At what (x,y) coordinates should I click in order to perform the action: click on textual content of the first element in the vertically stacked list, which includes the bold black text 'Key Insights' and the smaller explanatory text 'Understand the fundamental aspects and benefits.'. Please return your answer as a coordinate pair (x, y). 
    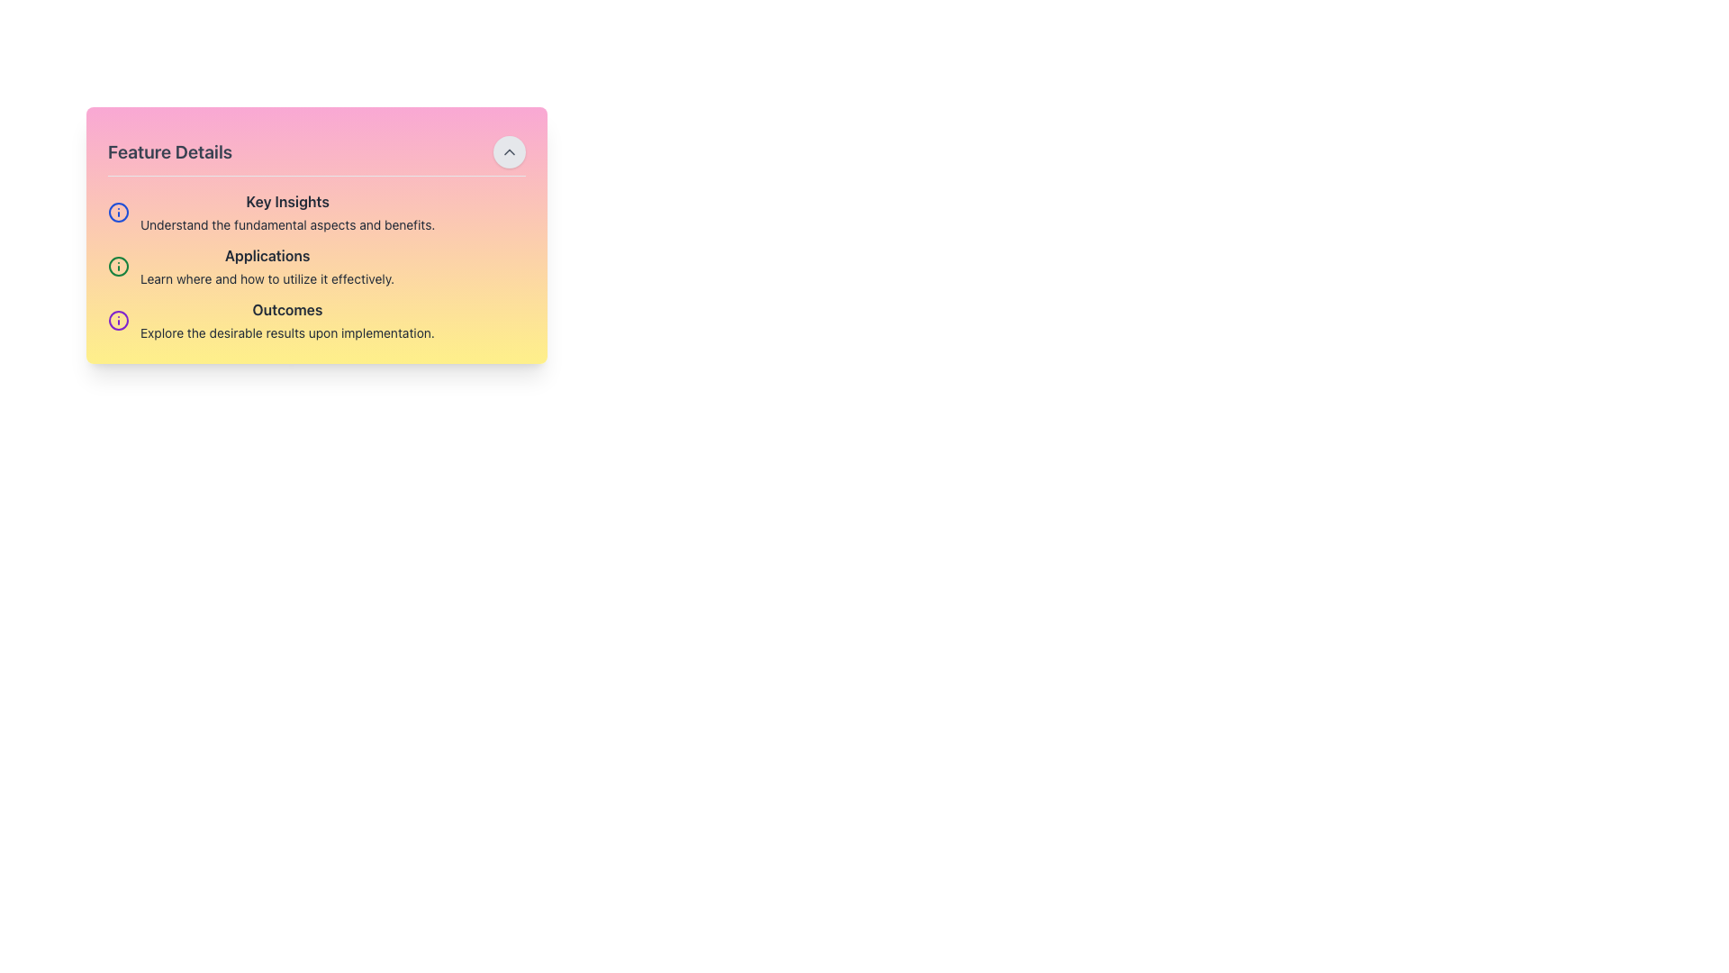
    Looking at the image, I should click on (316, 211).